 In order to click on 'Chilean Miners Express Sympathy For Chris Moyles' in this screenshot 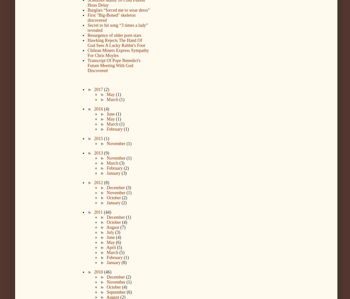, I will do `click(118, 53)`.